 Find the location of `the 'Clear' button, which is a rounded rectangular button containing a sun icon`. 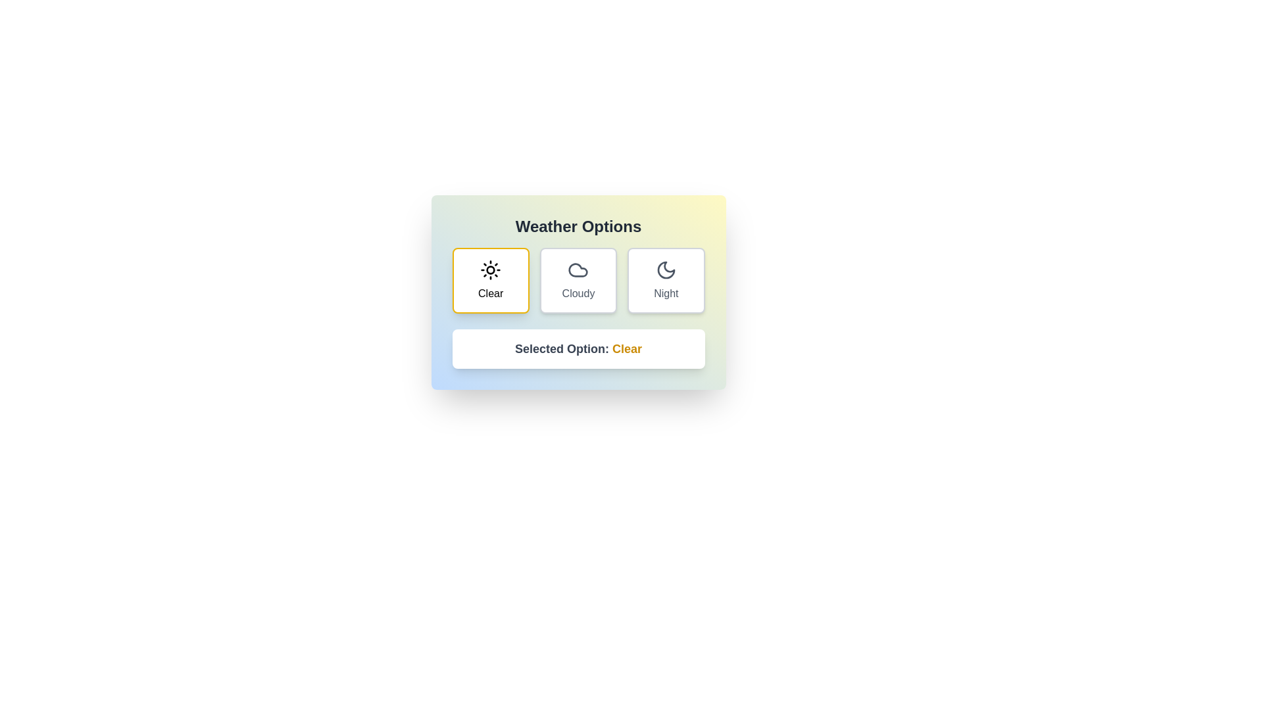

the 'Clear' button, which is a rounded rectangular button containing a sun icon is located at coordinates (490, 270).